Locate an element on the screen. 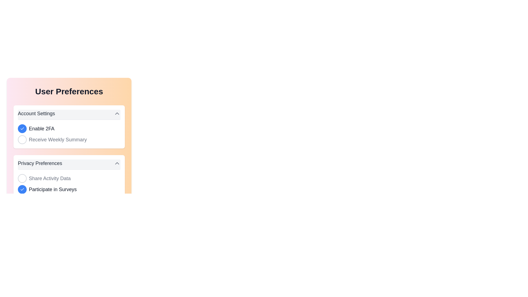  the privacy preferences checkbox that manages sharing activity data for additional information is located at coordinates (69, 178).